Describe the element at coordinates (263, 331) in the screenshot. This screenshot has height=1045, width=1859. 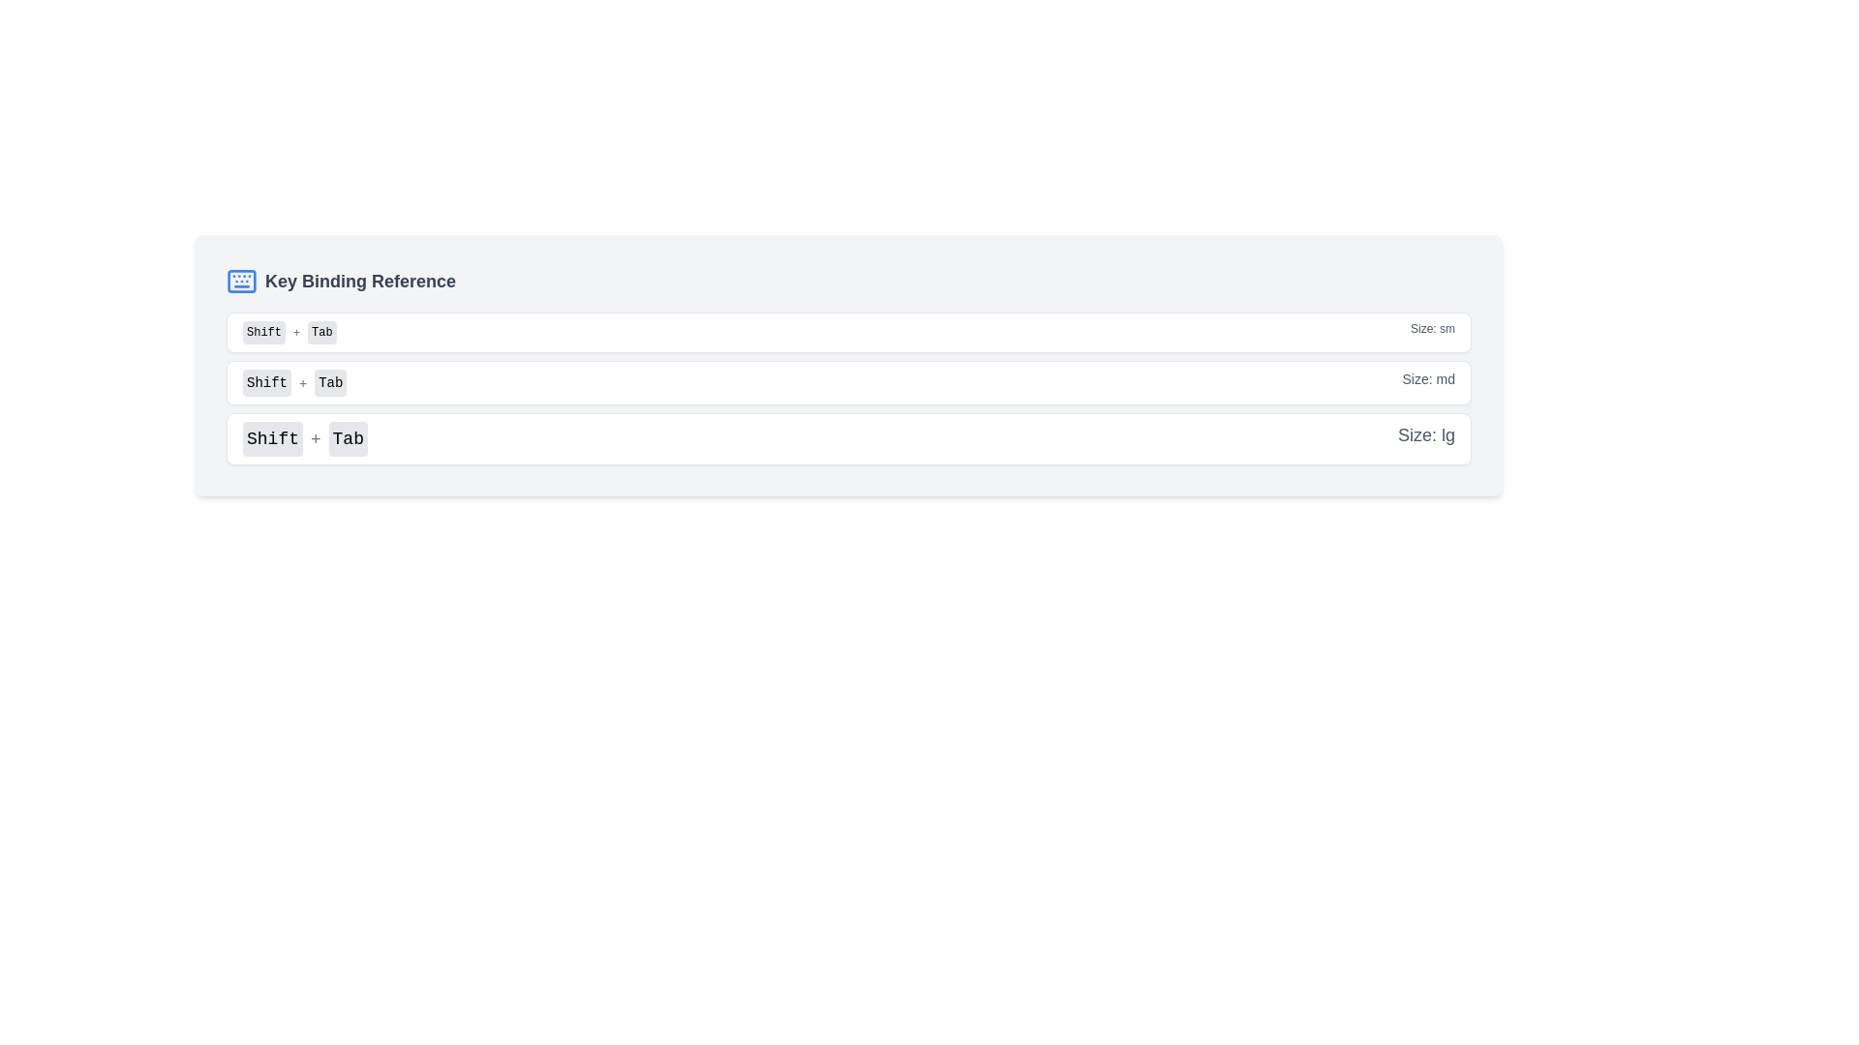
I see `the non-interactive button-like UI element labeled 'Shift', which has a light gray background and rounded corners, located near the top section of the interface` at that location.